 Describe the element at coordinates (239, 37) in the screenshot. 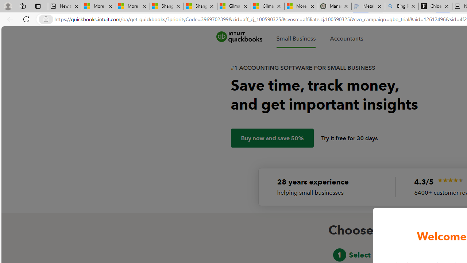

I see `'quickbooks'` at that location.